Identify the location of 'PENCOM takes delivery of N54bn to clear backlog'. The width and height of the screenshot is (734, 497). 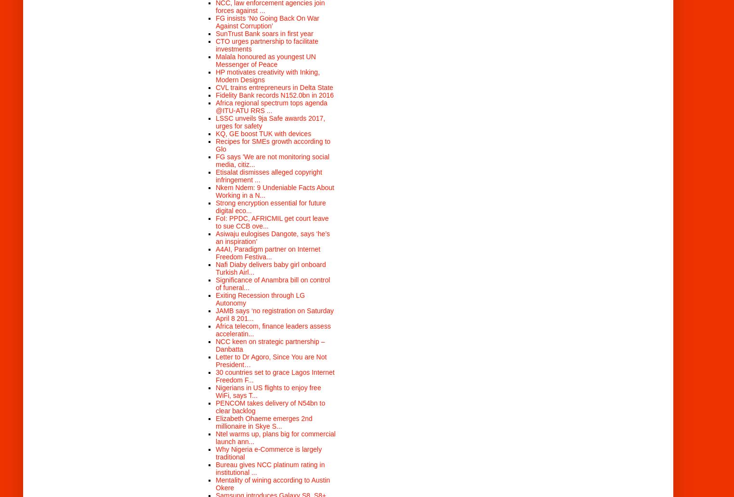
(216, 406).